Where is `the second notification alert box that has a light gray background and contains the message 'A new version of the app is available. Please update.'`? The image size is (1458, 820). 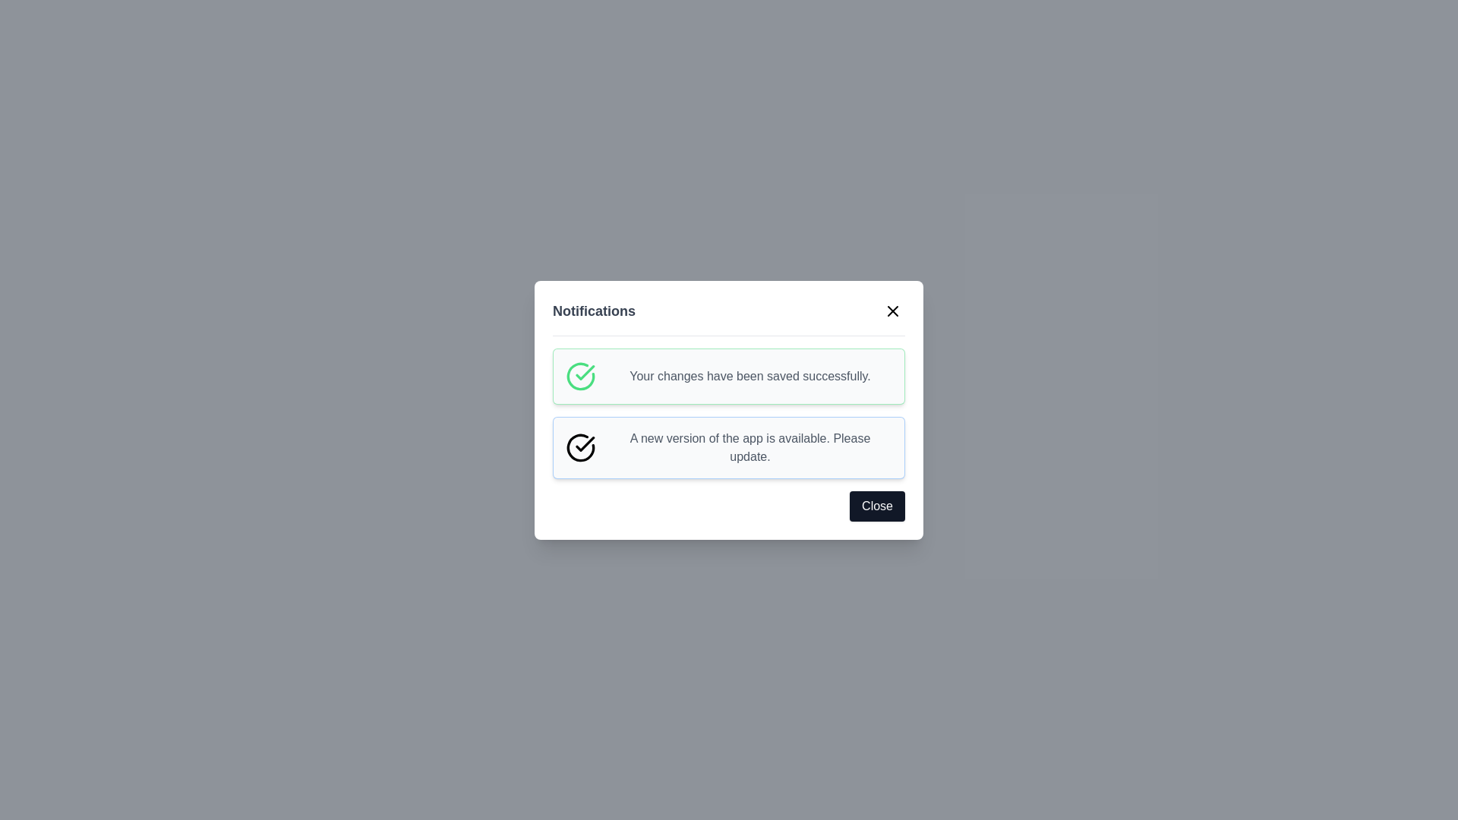 the second notification alert box that has a light gray background and contains the message 'A new version of the app is available. Please update.' is located at coordinates (729, 446).